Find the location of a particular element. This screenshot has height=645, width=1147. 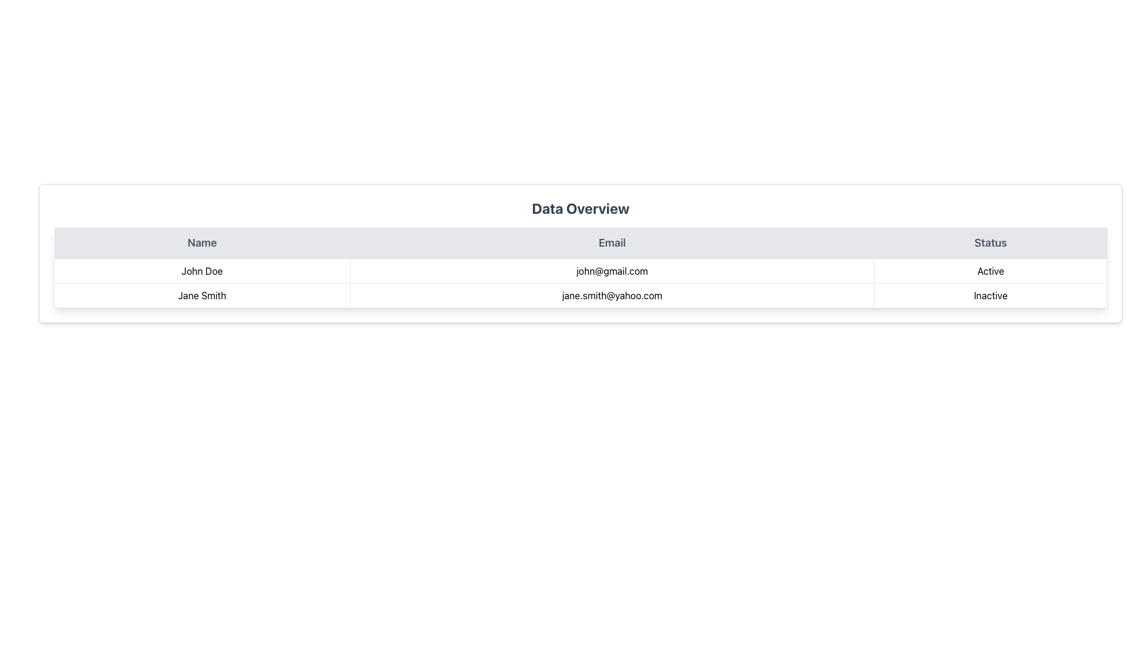

the text label in the 'Name' column of the first row in the data table, which contains the name 'John Doe' is located at coordinates (202, 271).